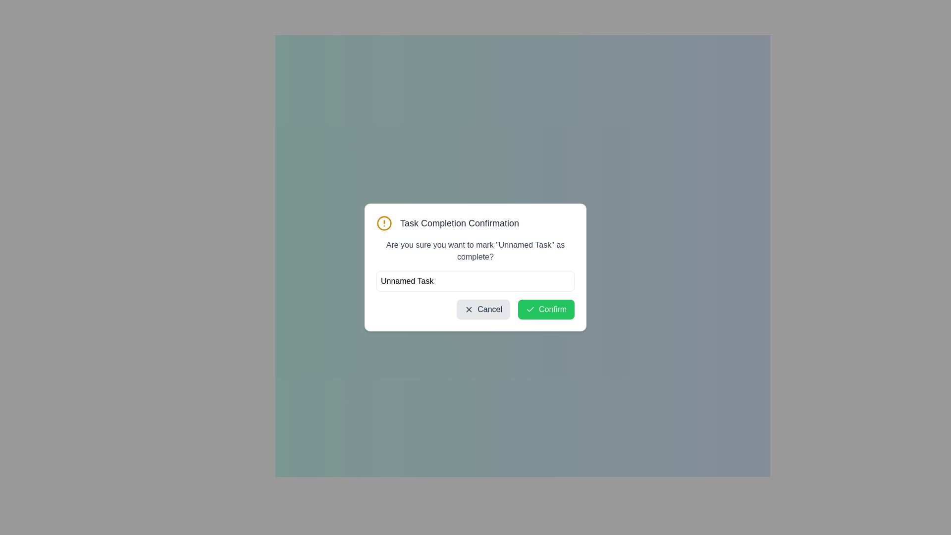 The image size is (951, 535). Describe the element at coordinates (475, 250) in the screenshot. I see `the Text Block that prompts confirmation for marking the 'Unnamed Task' as complete, located centrally in the modal dialog beneath the title 'Task Completion Confirmation'` at that location.